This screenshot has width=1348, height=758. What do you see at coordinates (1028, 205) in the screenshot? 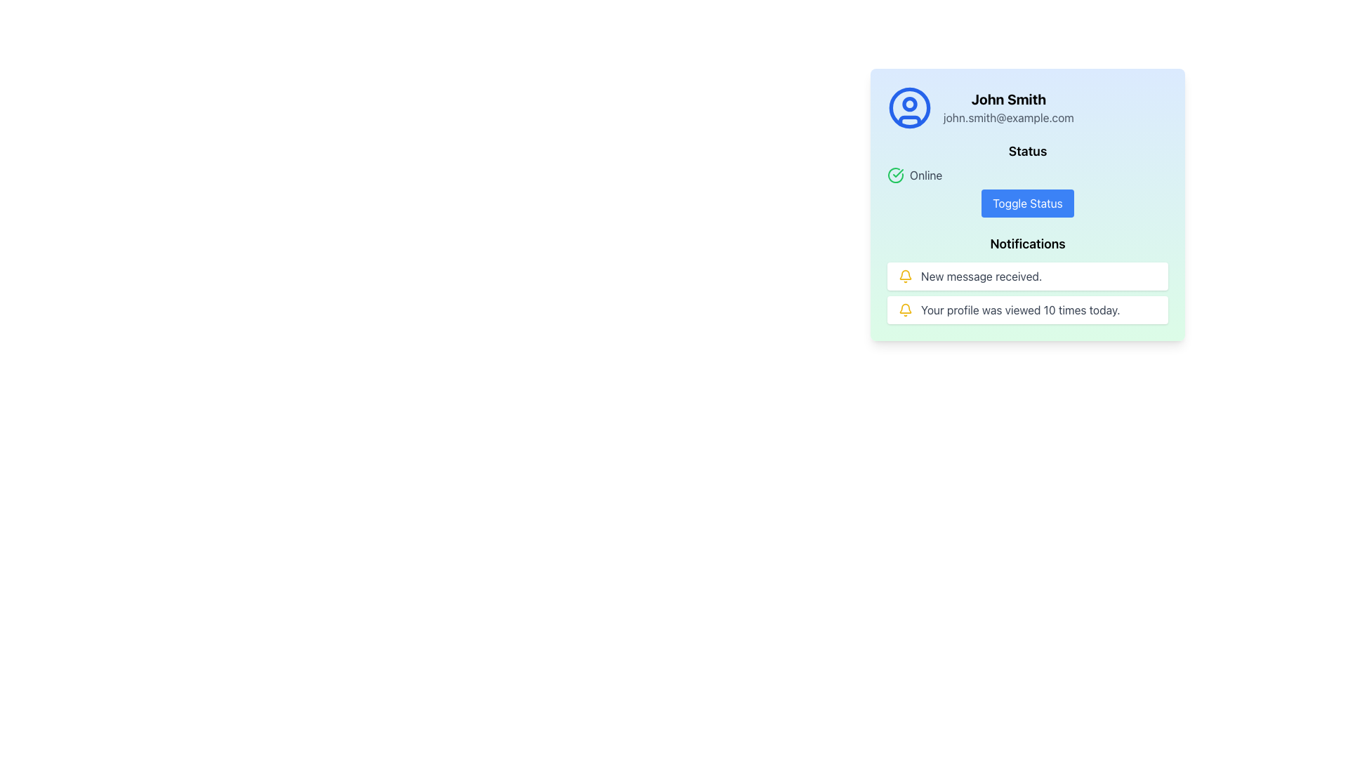
I see `the rectangular button with a blue background and white text reading 'Toggle Status'` at bounding box center [1028, 205].